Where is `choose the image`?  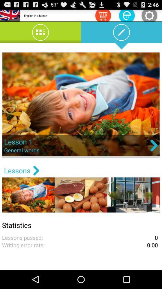 choose the image is located at coordinates (81, 105).